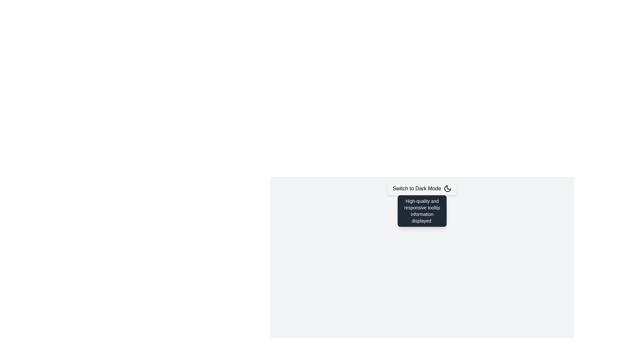  Describe the element at coordinates (422, 189) in the screenshot. I see `the button labeled 'Switch to Dark Mode' with a crescent moon icon` at that location.